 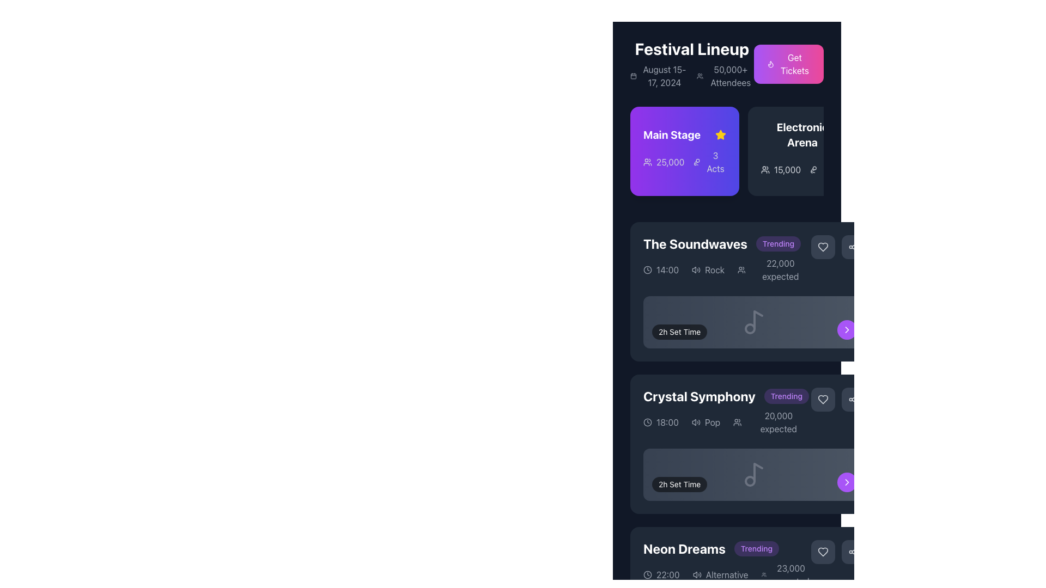 I want to click on the SVG Icon representing the attendee count, so click(x=741, y=269).